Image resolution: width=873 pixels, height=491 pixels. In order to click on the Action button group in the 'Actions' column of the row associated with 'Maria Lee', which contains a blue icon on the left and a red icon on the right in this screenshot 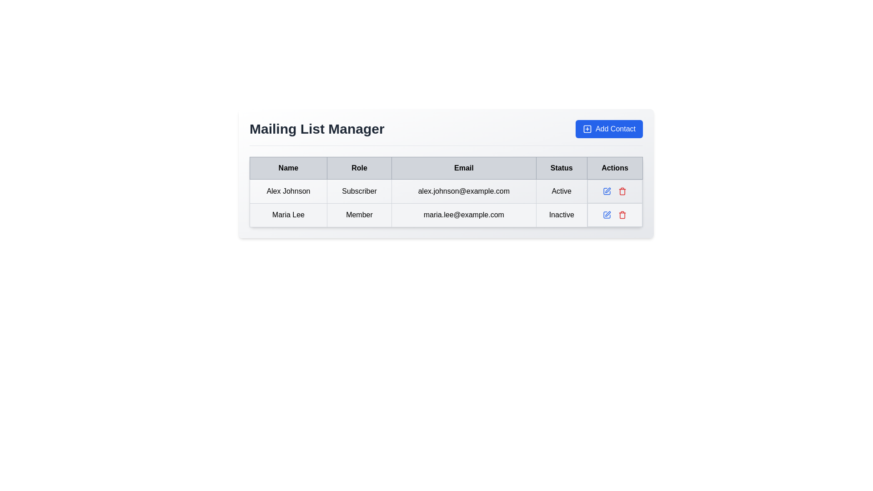, I will do `click(615, 215)`.